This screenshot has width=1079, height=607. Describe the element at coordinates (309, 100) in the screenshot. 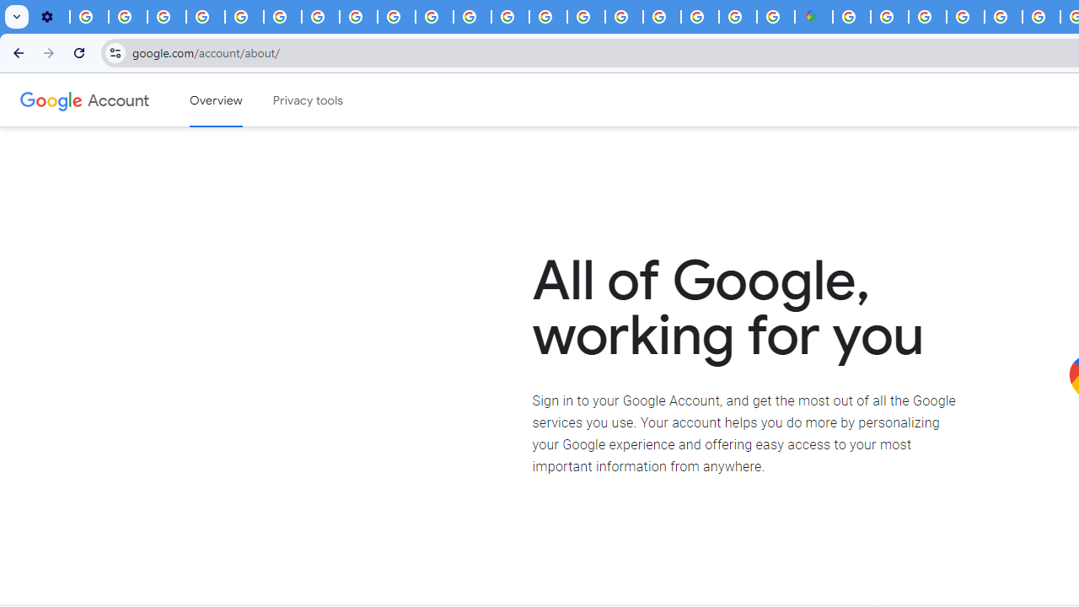

I see `'Privacy tools'` at that location.